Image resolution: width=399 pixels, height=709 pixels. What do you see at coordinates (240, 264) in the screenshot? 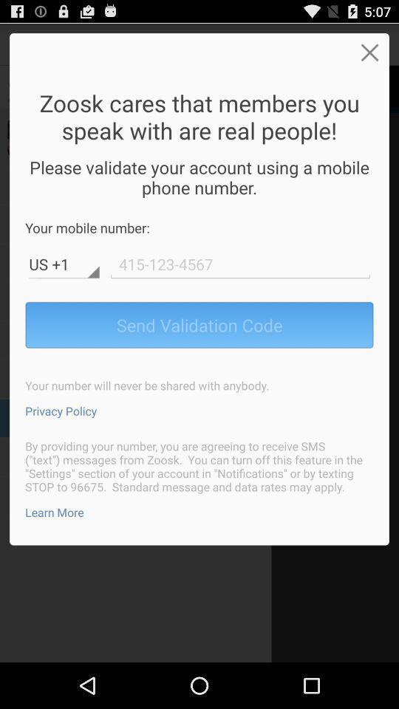
I see `zoosk date connect find your best match` at bounding box center [240, 264].